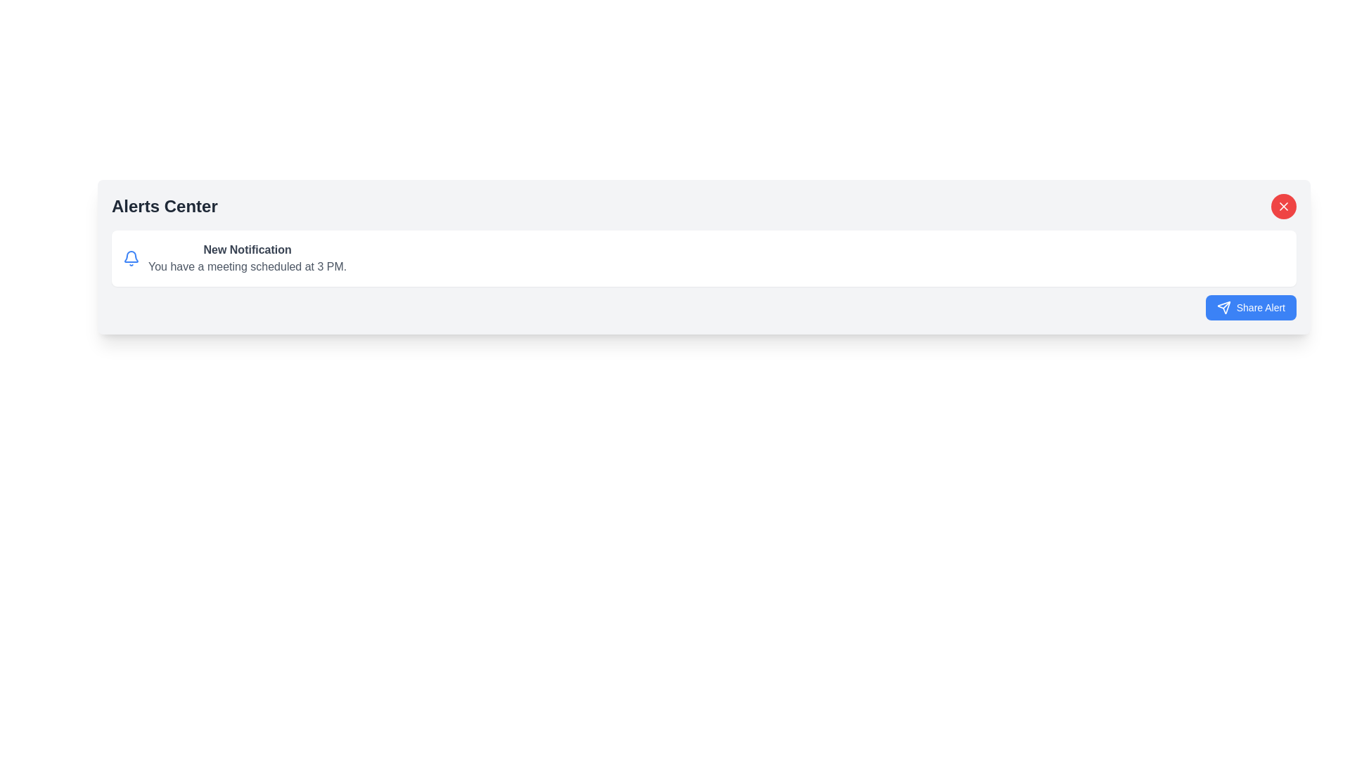  I want to click on the 'Share Alert' text label located within the blue button in the bottom-right corner of the notification card, so click(1261, 307).